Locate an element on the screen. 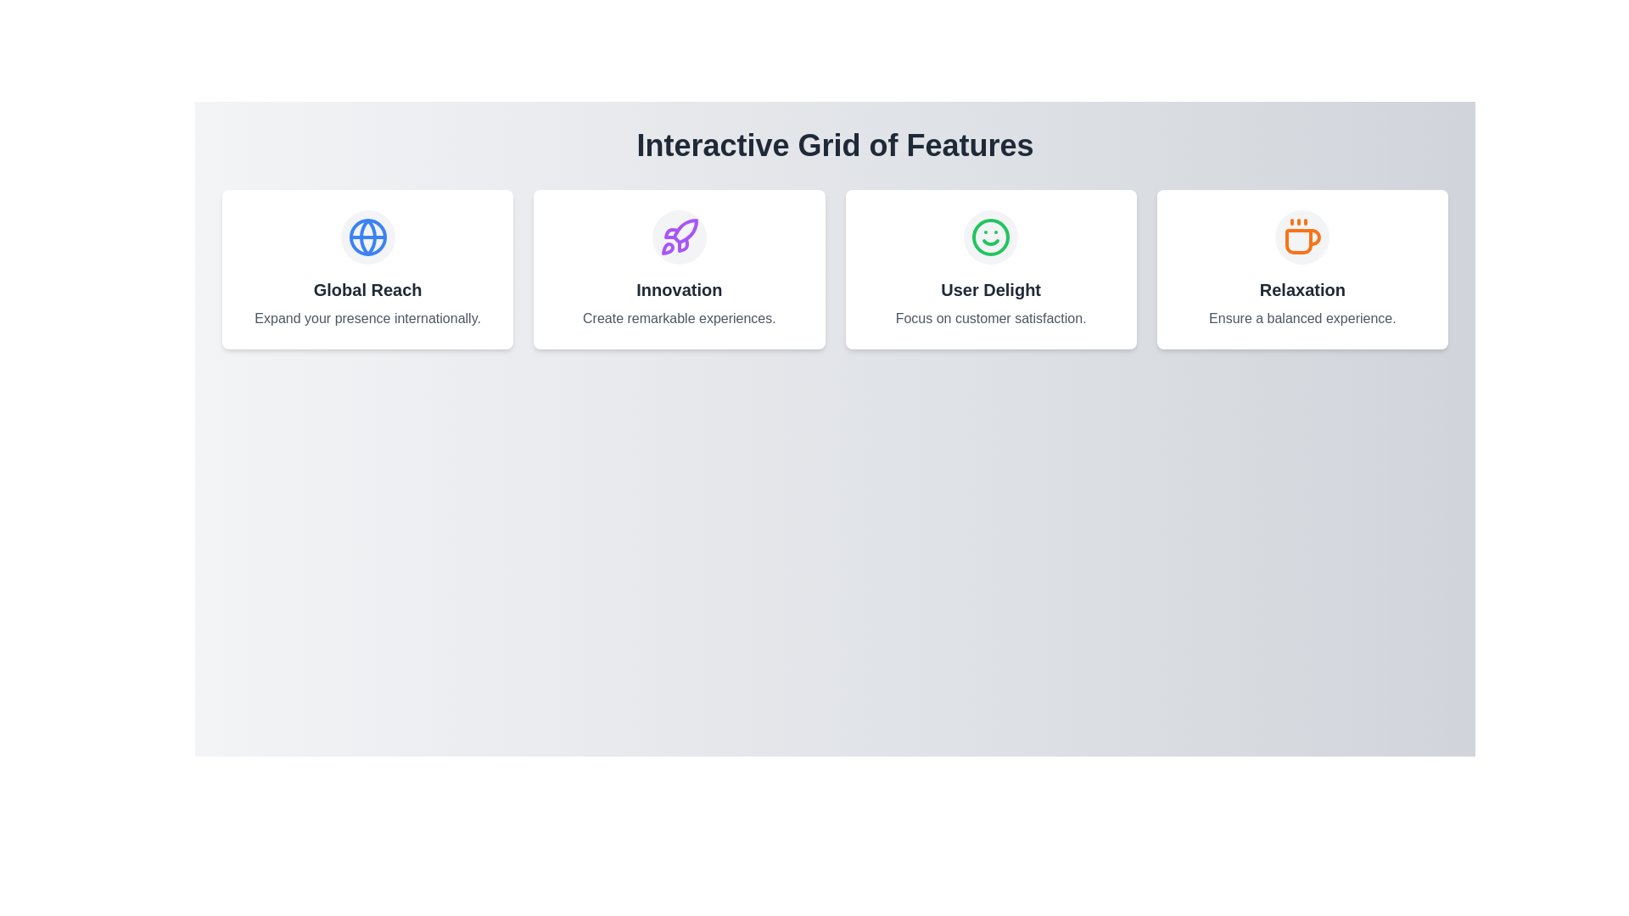 The width and height of the screenshot is (1629, 916). the Text label that serves as a title for the feature card, summarizing its theme as 'Relaxation', located in the fourth box below the coffee cup icon and above the description text is located at coordinates (1302, 289).